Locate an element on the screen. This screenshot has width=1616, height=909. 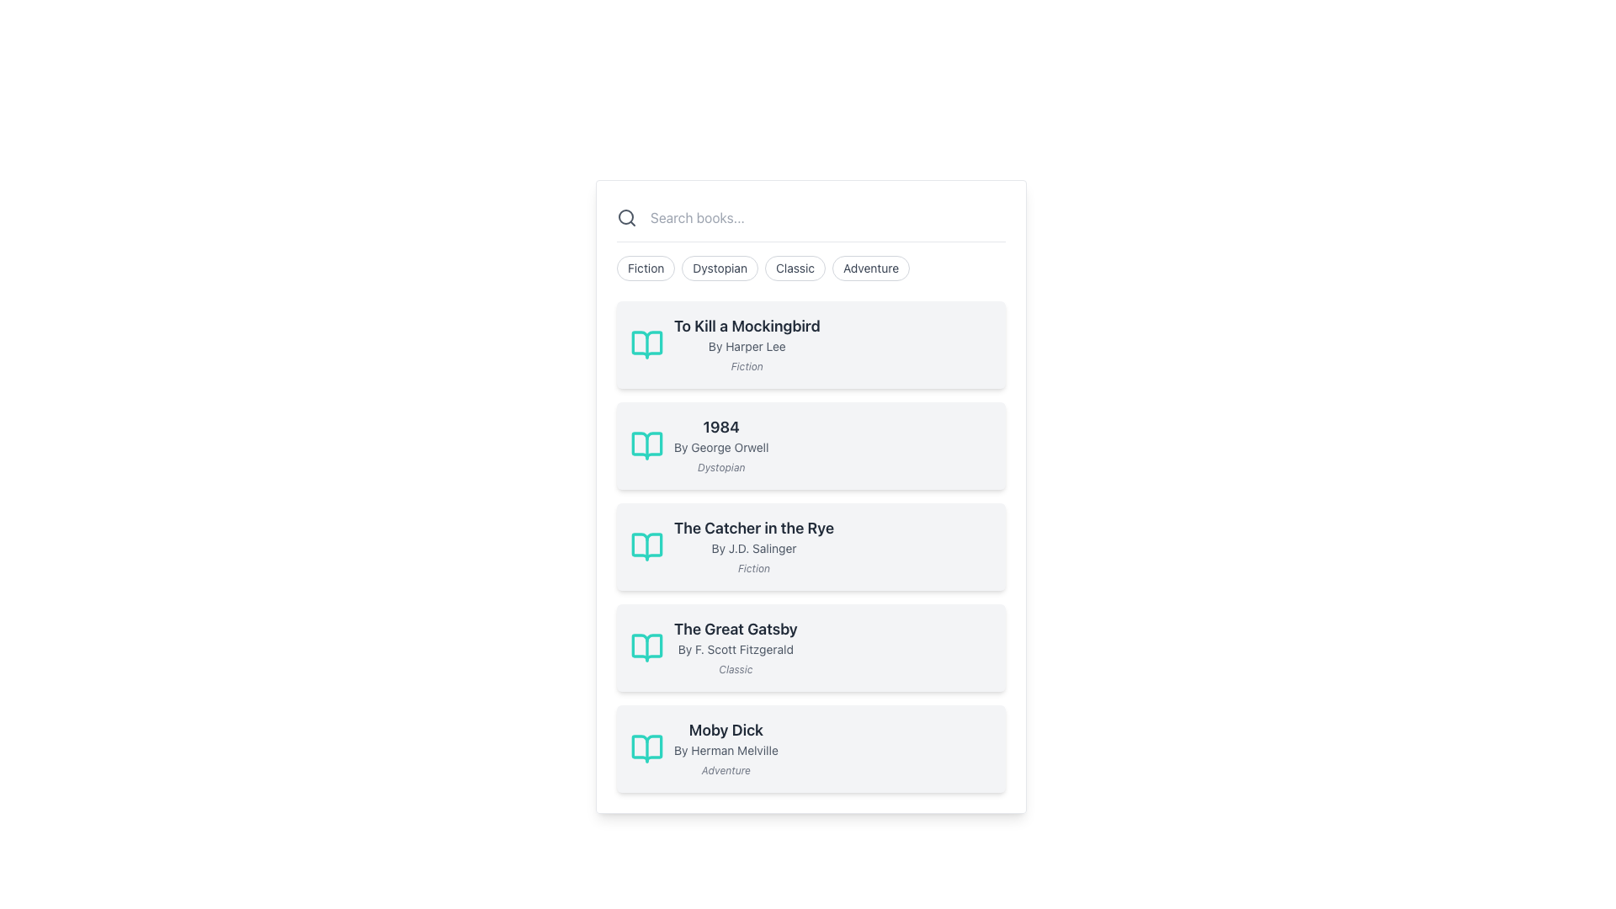
the 'Fiction', 'Dystopian', 'Classic', or 'Adventure' tag in the Interactive category filter is located at coordinates (811, 268).